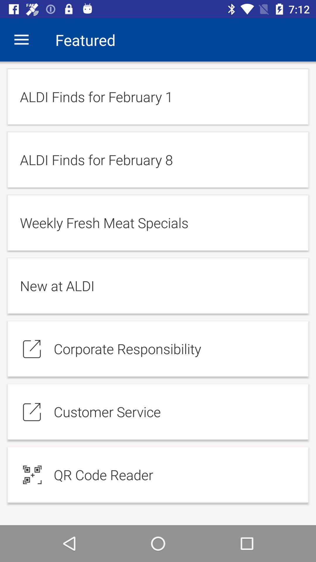 This screenshot has width=316, height=562. Describe the element at coordinates (158, 97) in the screenshot. I see `the text below featured` at that location.